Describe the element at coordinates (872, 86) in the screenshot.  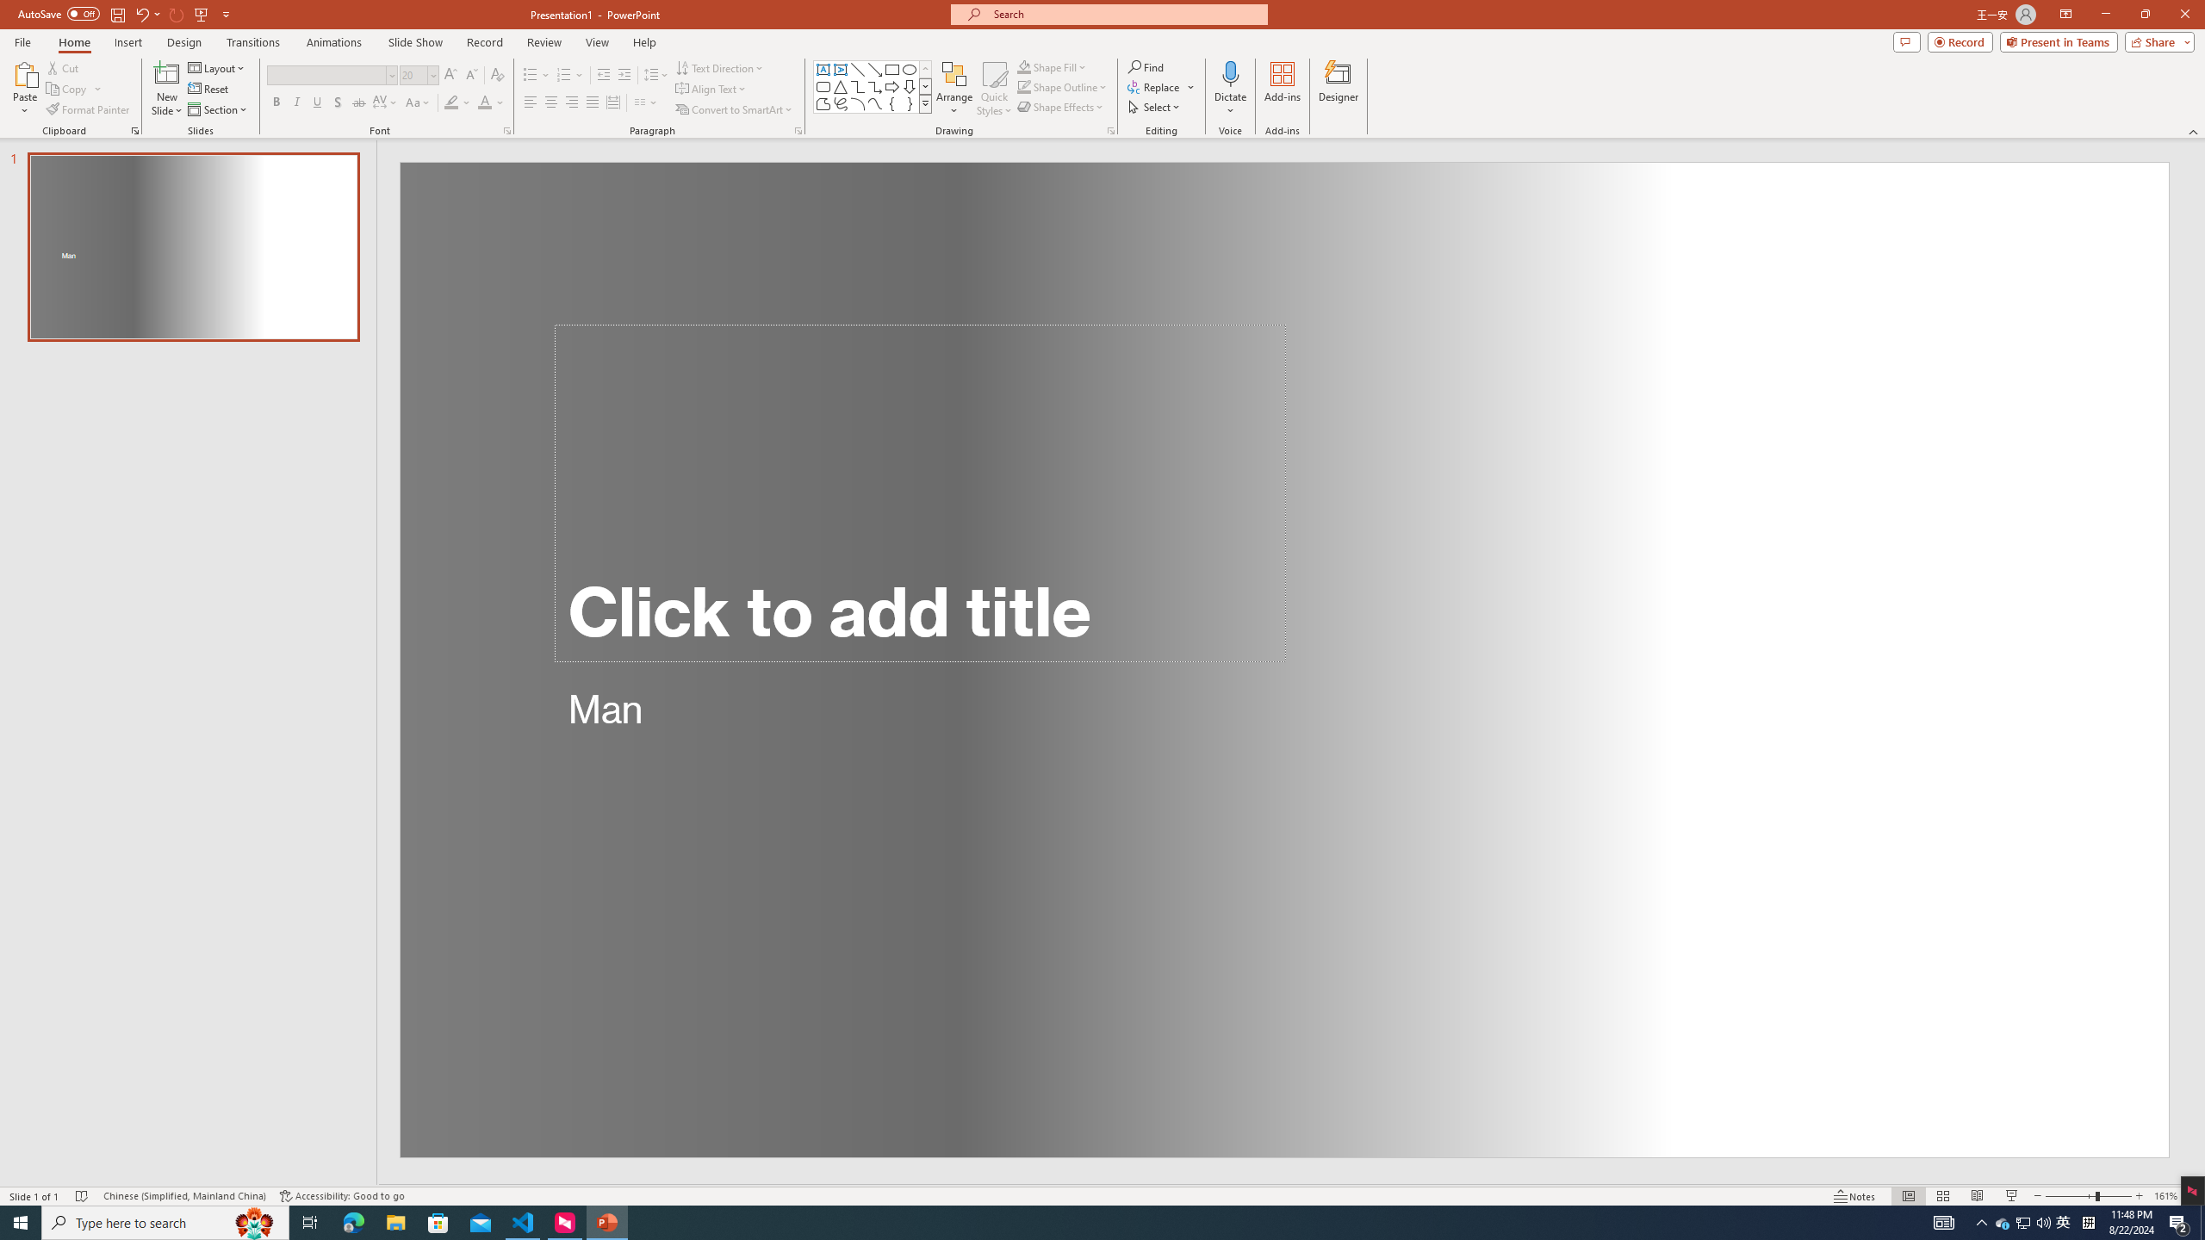
I see `'AutomationID: ShapesInsertGallery'` at that location.